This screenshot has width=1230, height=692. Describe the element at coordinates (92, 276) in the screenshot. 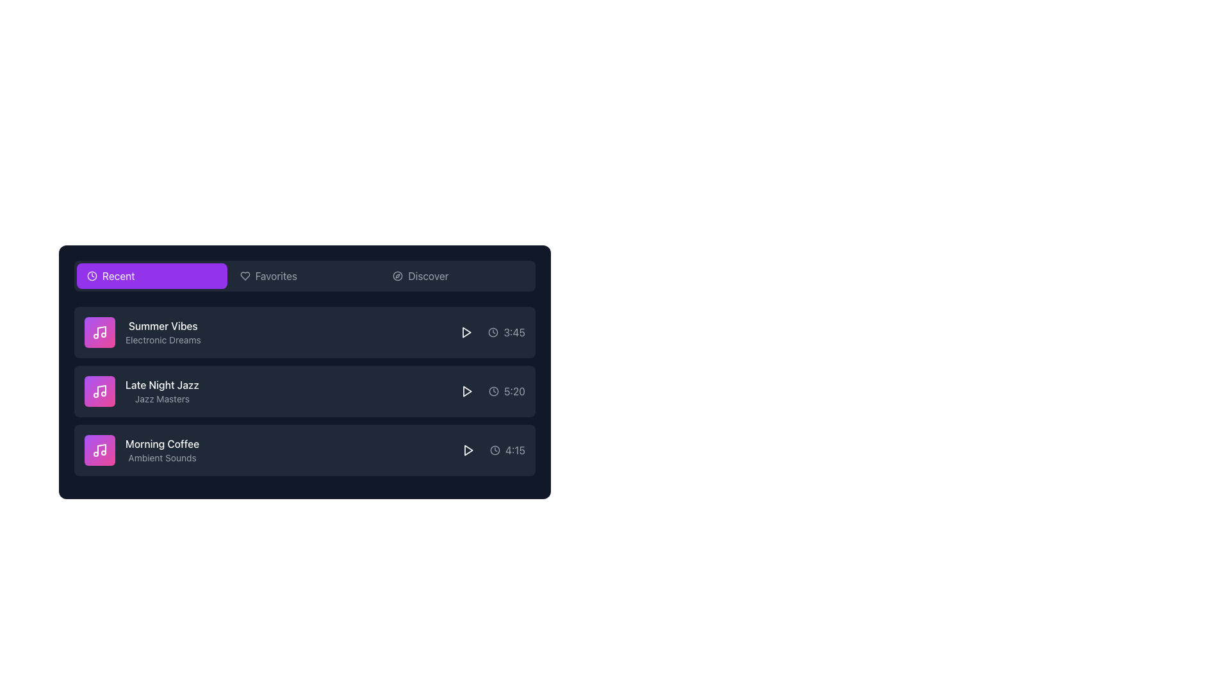

I see `the clock icon located at the top-left corner of the 'Recent' button in the navigation panel` at that location.